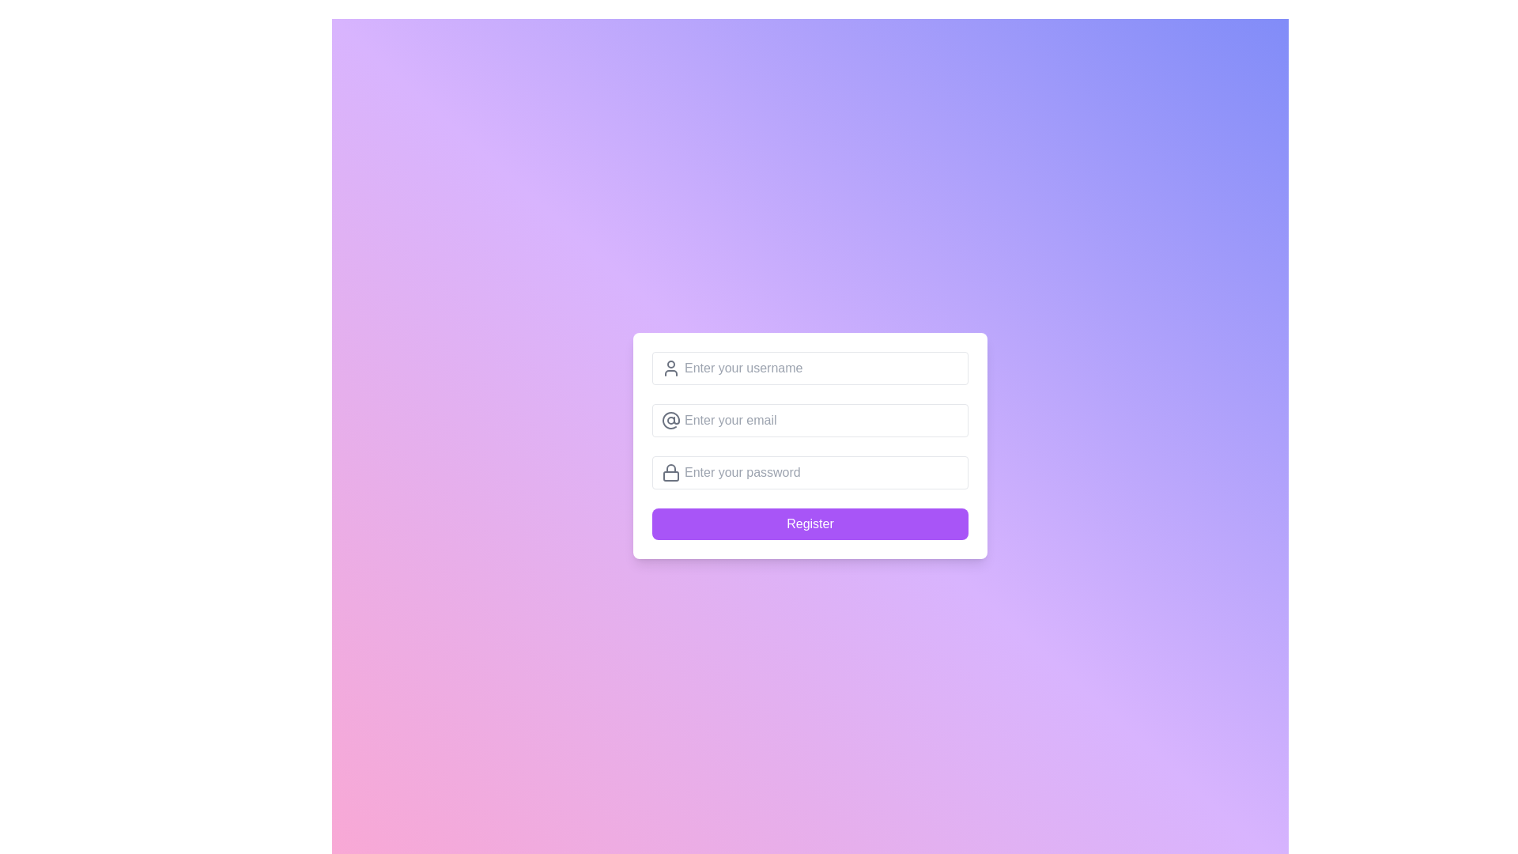  What do you see at coordinates (671, 420) in the screenshot?
I see `the email sign icon, which is a minimalist black-and-white circular design with an '@' symbol, located inside the second input field of a centrally placed form` at bounding box center [671, 420].